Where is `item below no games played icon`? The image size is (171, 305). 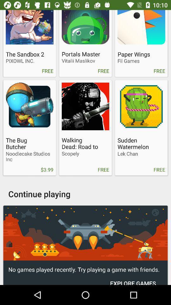
item below no games played icon is located at coordinates (133, 279).